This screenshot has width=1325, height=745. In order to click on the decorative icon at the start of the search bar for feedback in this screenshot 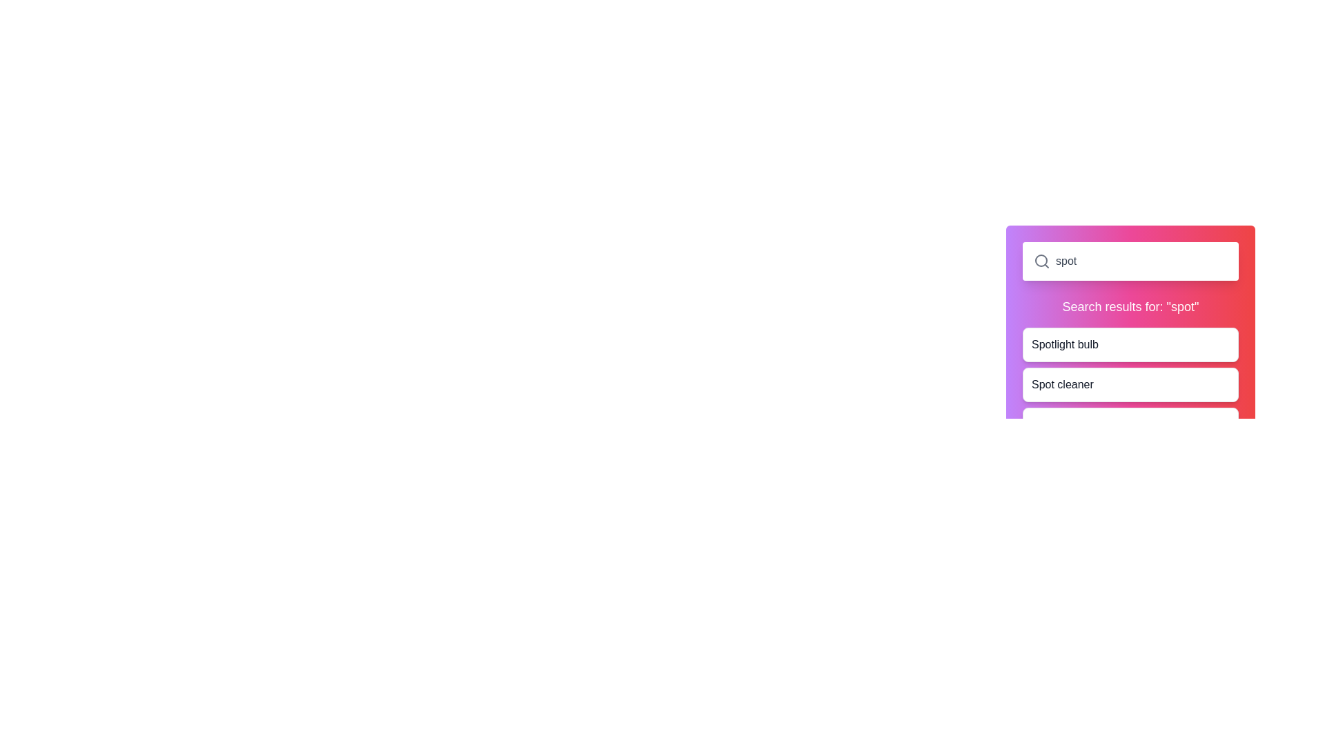, I will do `click(1042, 261)`.